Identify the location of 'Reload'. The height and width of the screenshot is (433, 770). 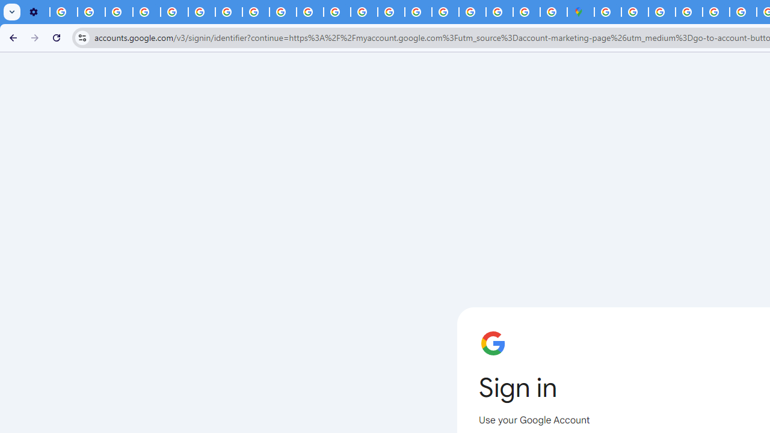
(56, 37).